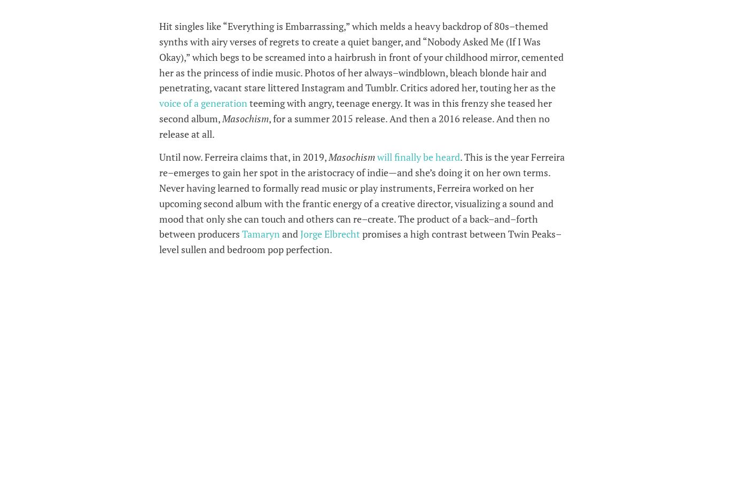 The image size is (748, 495). Describe the element at coordinates (377, 157) in the screenshot. I see `'will finally be heard'` at that location.